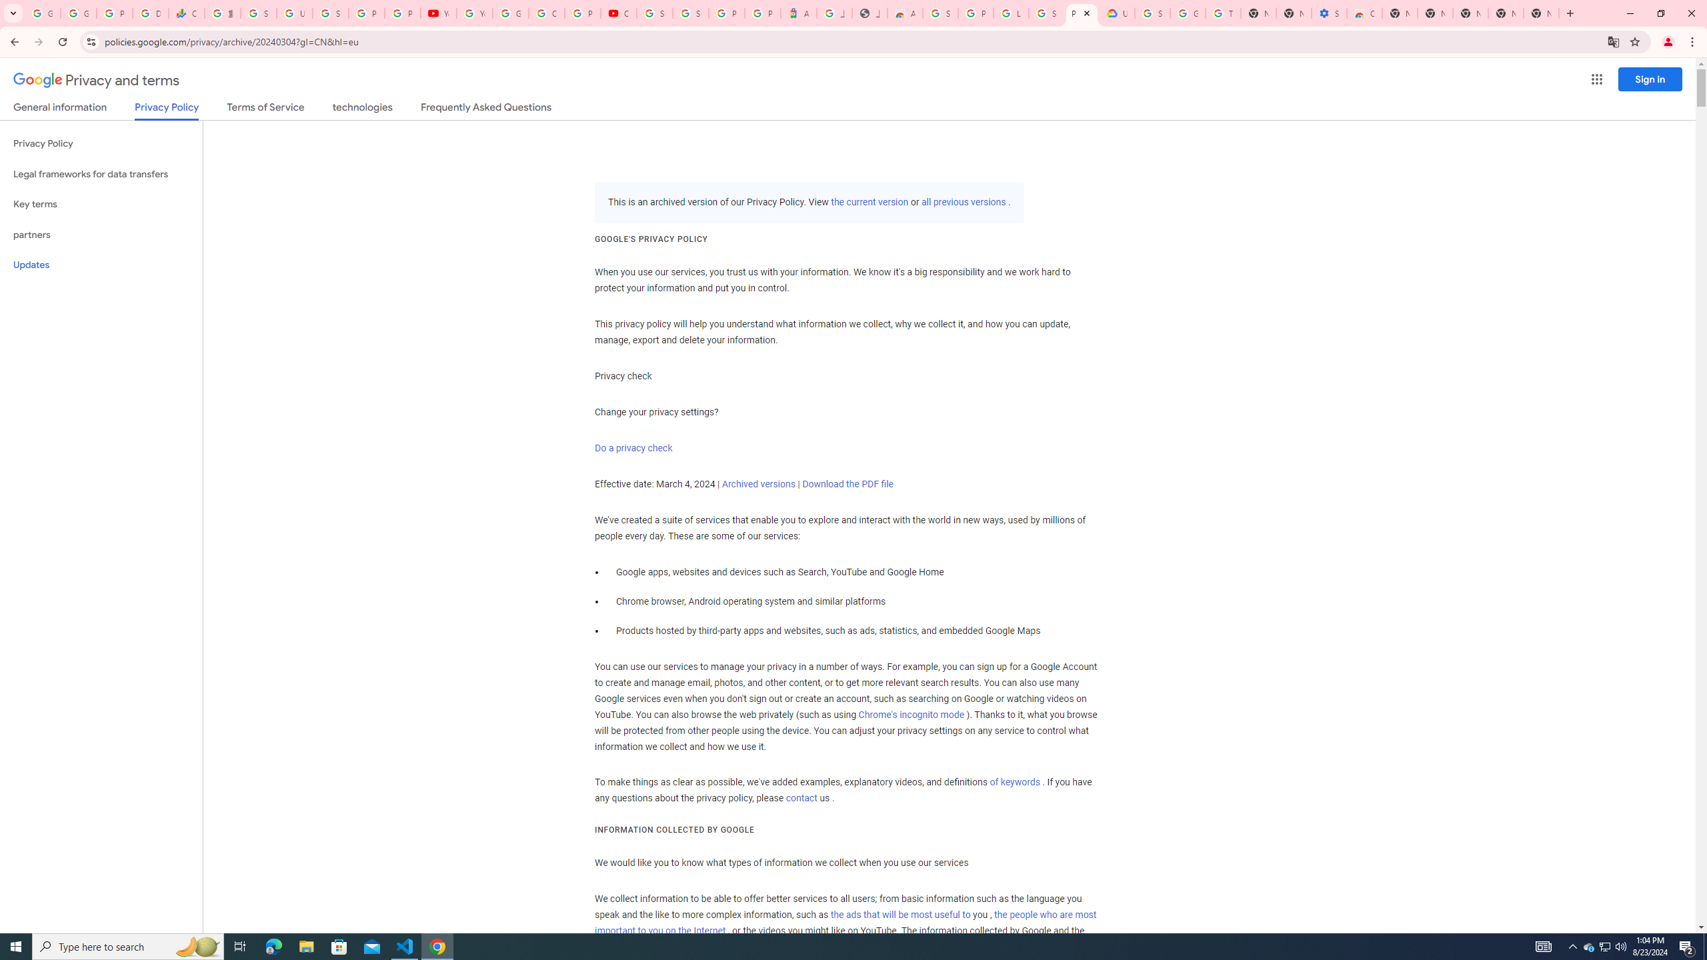  I want to click on 'of keywords', so click(1014, 782).